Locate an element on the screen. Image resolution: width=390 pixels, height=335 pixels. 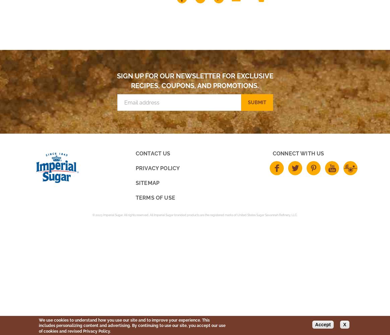
'X' is located at coordinates (344, 324).